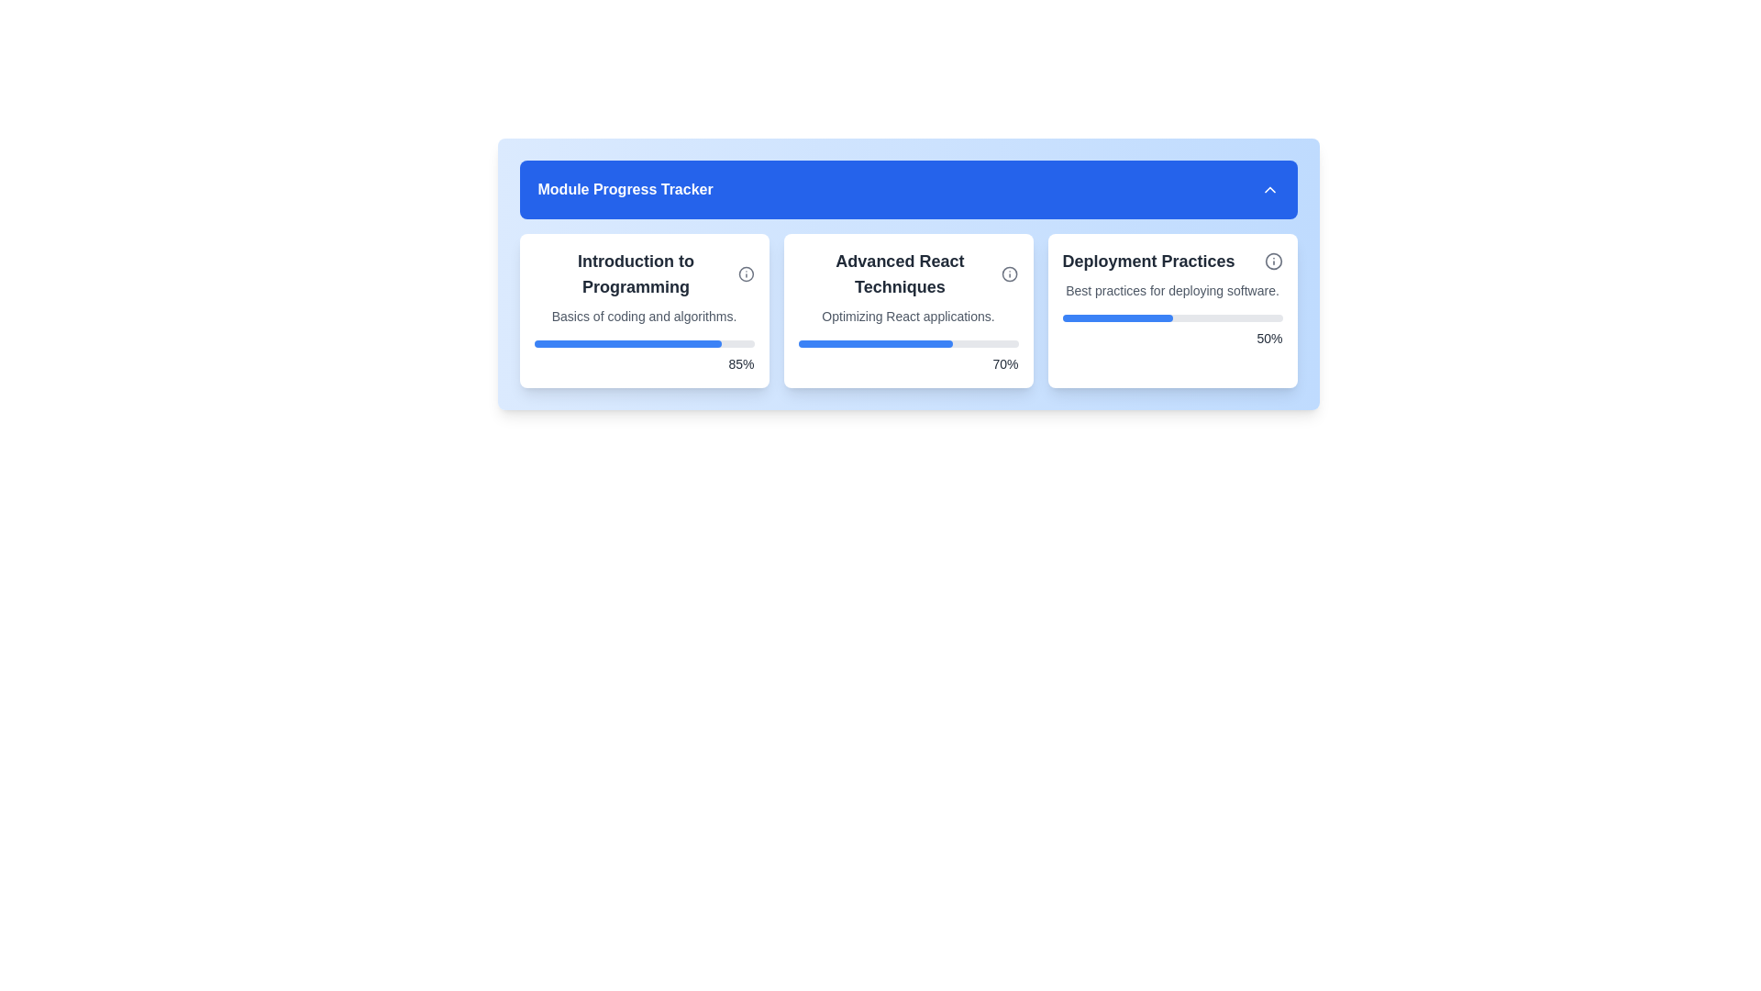 This screenshot has width=1761, height=991. Describe the element at coordinates (1272, 262) in the screenshot. I see `the information icon styled in a circular frame with a hollow center, located on the right side of the 'Deployment Practices' headline` at that location.